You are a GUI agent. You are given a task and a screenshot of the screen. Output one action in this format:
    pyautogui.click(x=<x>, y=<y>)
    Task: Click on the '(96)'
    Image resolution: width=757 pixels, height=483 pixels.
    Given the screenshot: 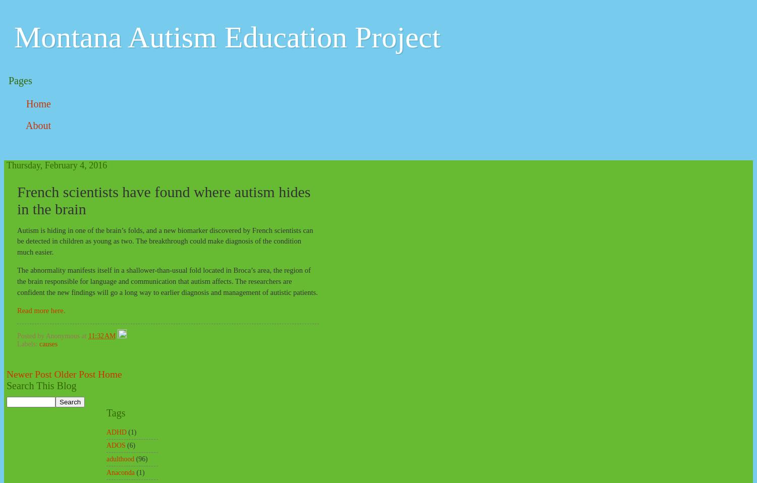 What is the action you would take?
    pyautogui.click(x=141, y=459)
    